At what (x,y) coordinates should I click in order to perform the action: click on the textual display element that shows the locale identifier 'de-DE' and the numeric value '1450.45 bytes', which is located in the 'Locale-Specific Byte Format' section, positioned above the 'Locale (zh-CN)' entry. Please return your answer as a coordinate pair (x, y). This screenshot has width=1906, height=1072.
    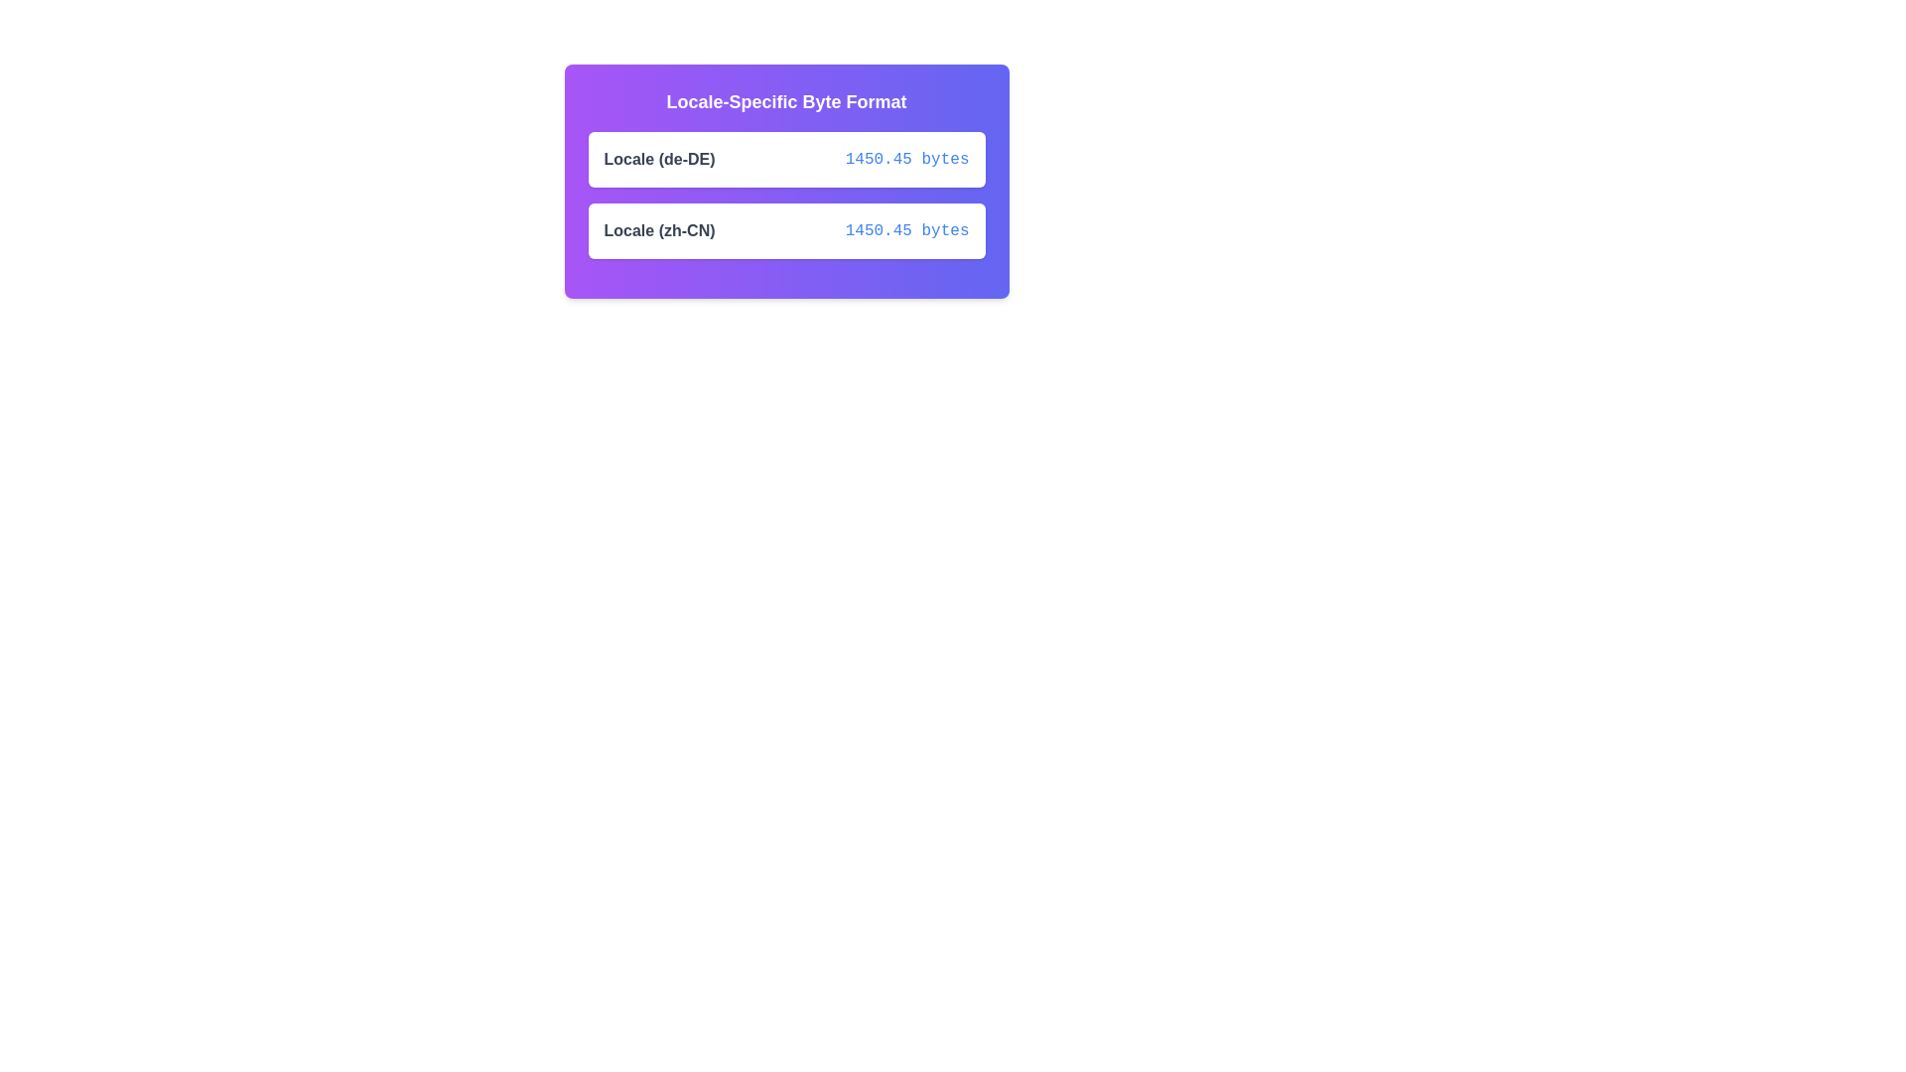
    Looking at the image, I should click on (785, 159).